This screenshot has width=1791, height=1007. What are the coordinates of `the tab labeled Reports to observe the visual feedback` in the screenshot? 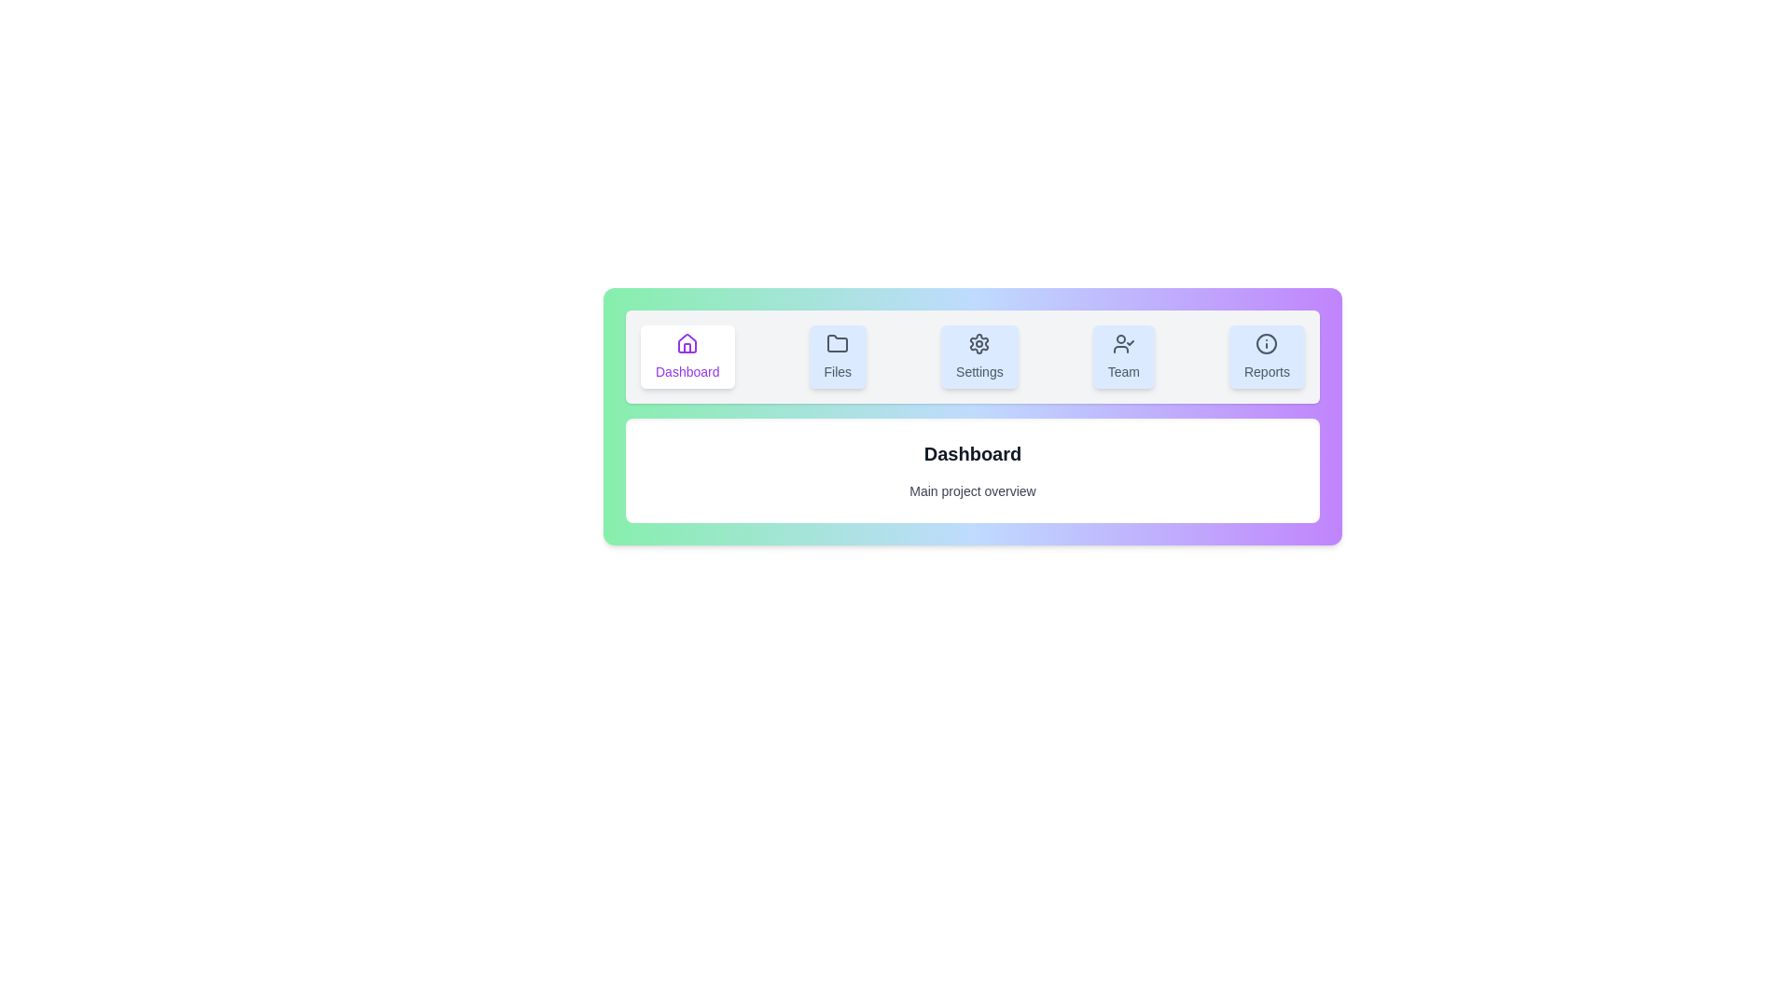 It's located at (1267, 356).